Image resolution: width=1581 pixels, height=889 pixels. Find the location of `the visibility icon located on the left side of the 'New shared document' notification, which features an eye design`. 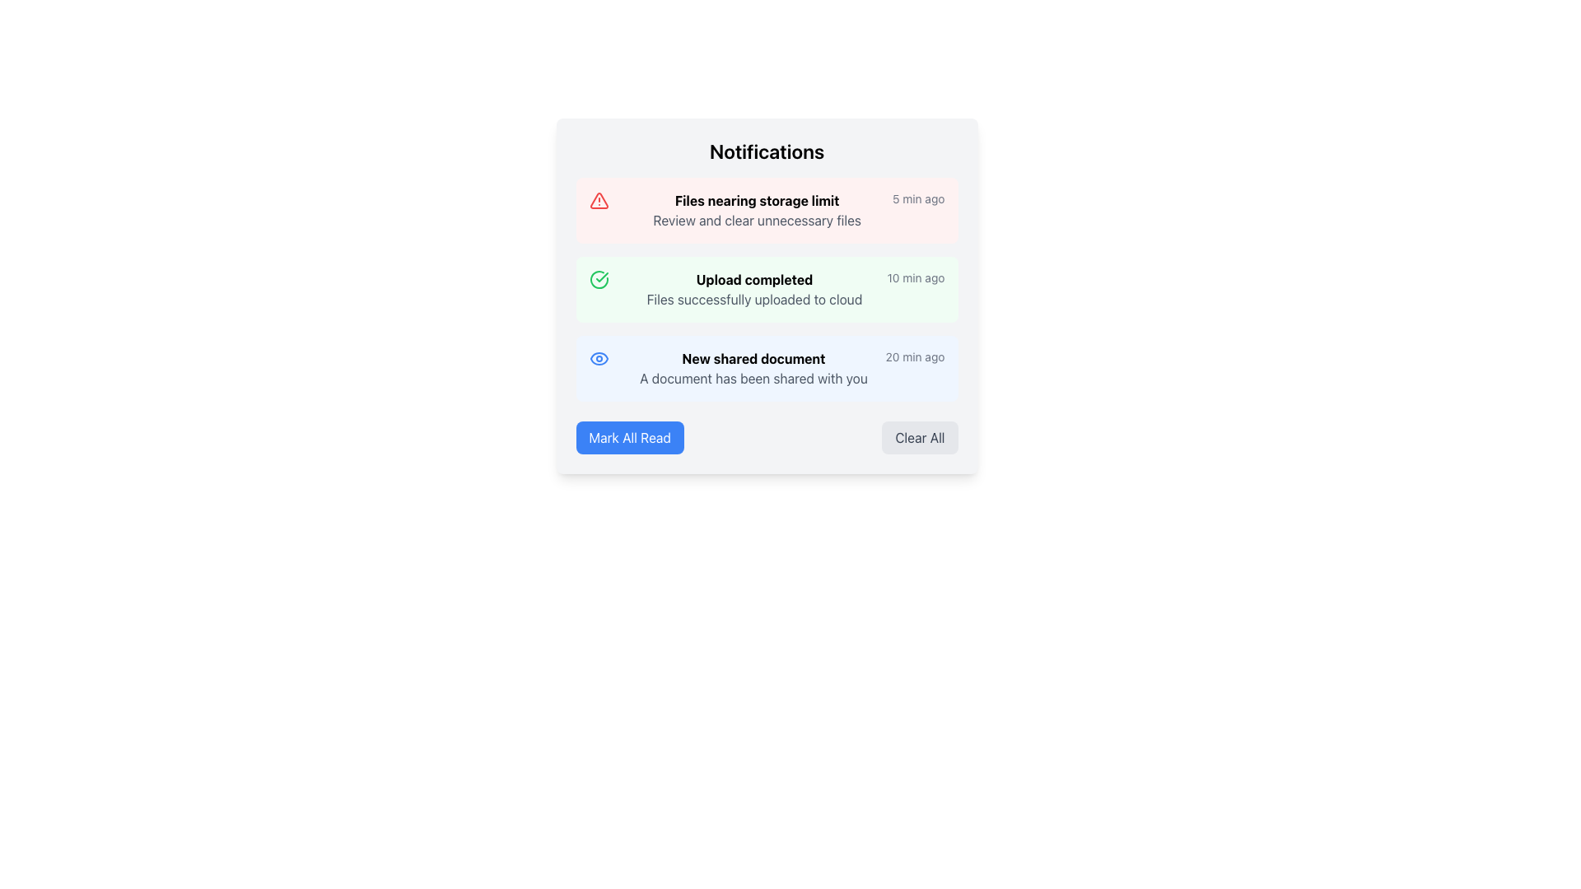

the visibility icon located on the left side of the 'New shared document' notification, which features an eye design is located at coordinates (598, 357).